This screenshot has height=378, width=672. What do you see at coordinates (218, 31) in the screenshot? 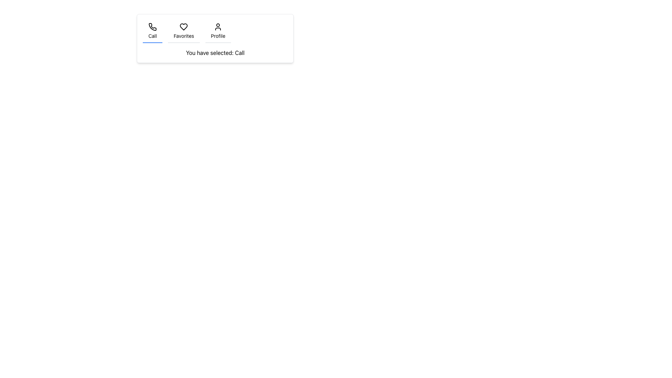
I see `the third button in the row, located to the right of 'Call' and 'Favorites'` at bounding box center [218, 31].